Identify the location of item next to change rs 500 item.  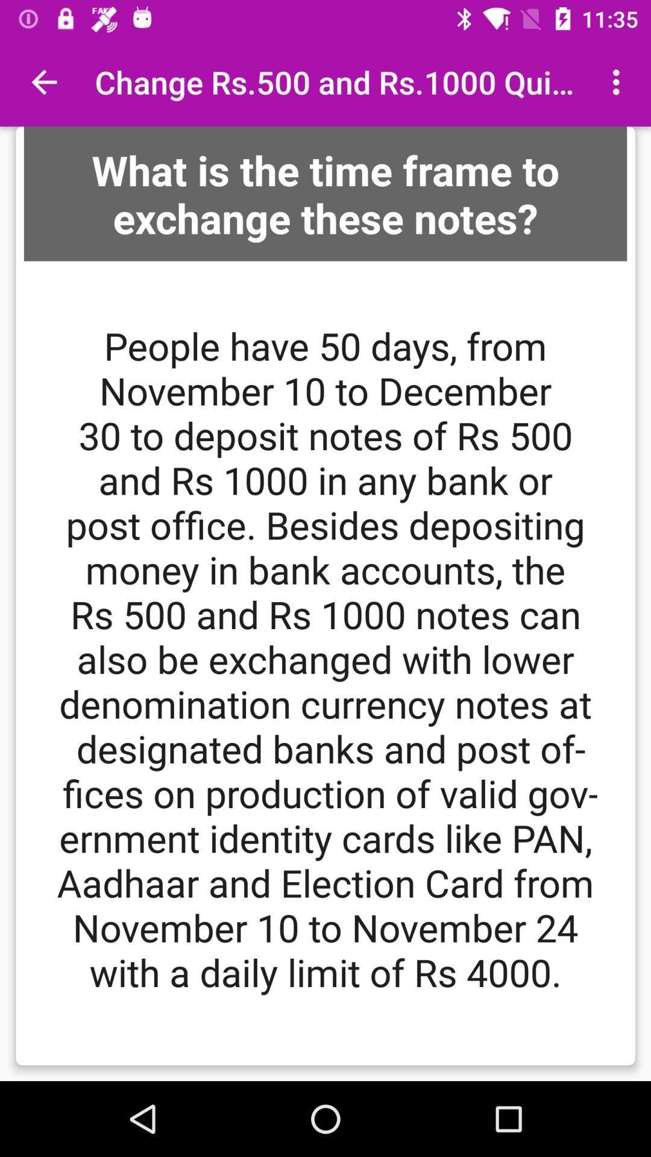
(619, 81).